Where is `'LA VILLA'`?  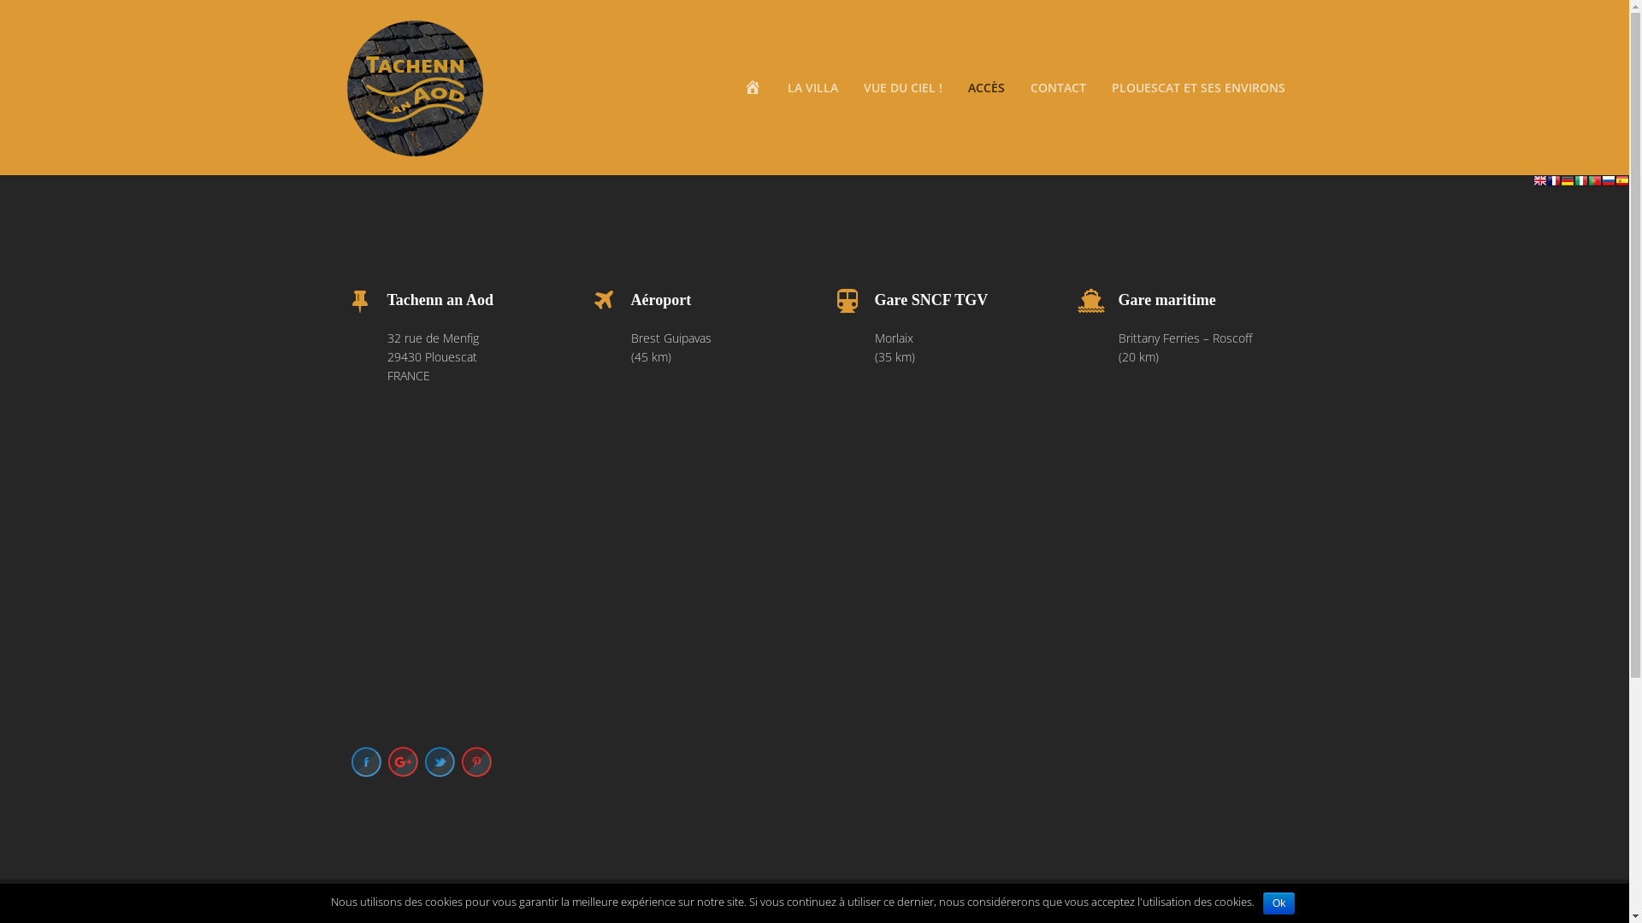
'LA VILLA' is located at coordinates (811, 87).